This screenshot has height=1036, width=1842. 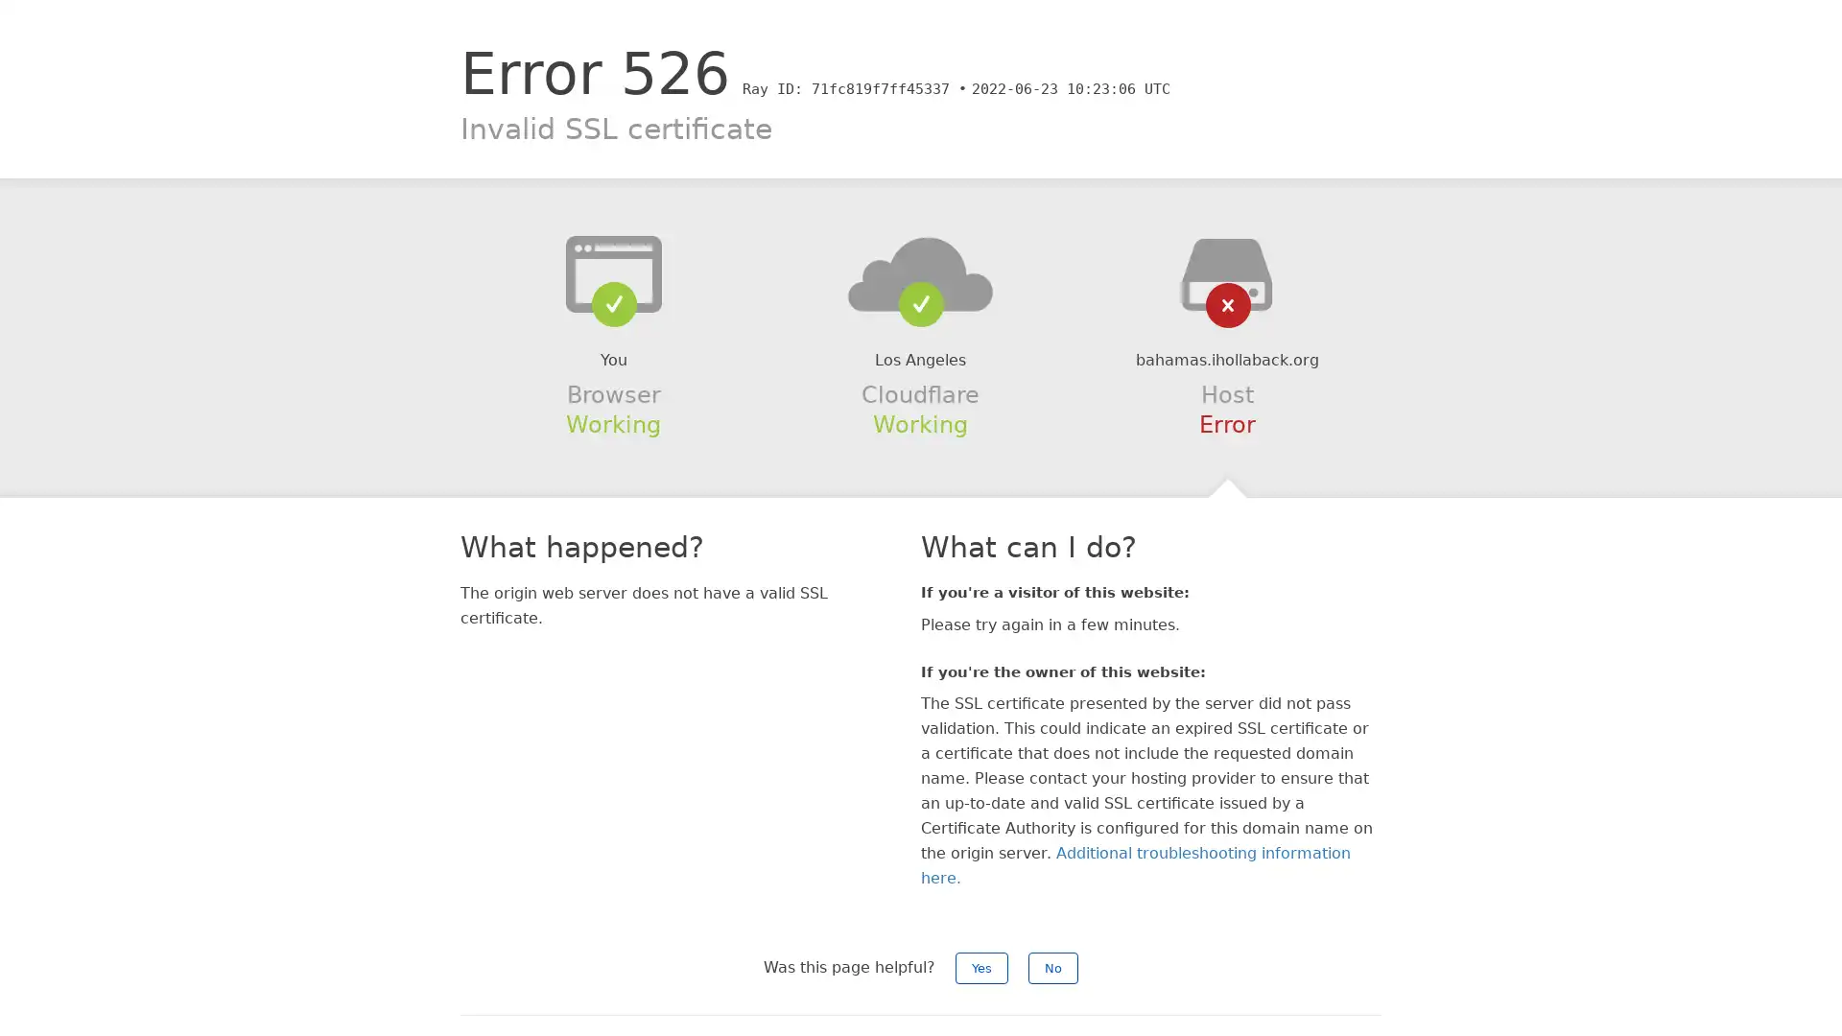 What do you see at coordinates (981, 968) in the screenshot?
I see `Yes` at bounding box center [981, 968].